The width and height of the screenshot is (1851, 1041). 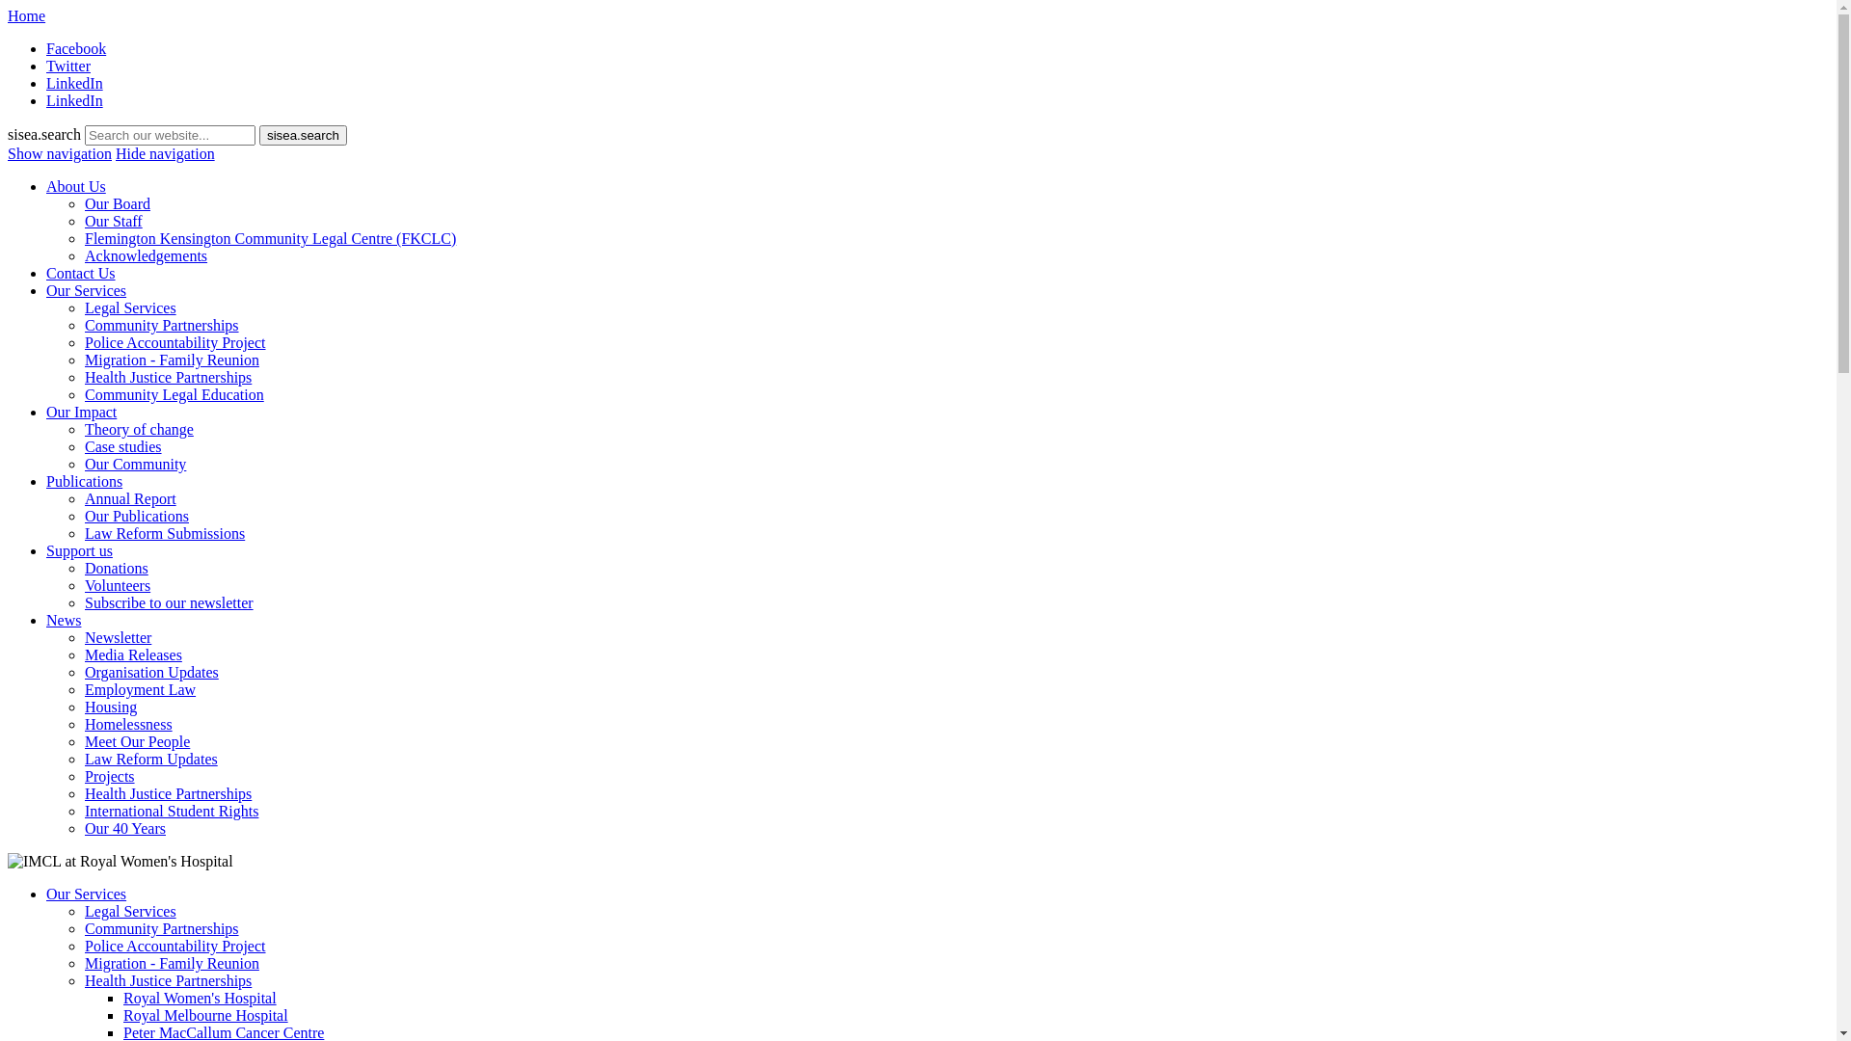 What do you see at coordinates (122, 446) in the screenshot?
I see `'Case studies'` at bounding box center [122, 446].